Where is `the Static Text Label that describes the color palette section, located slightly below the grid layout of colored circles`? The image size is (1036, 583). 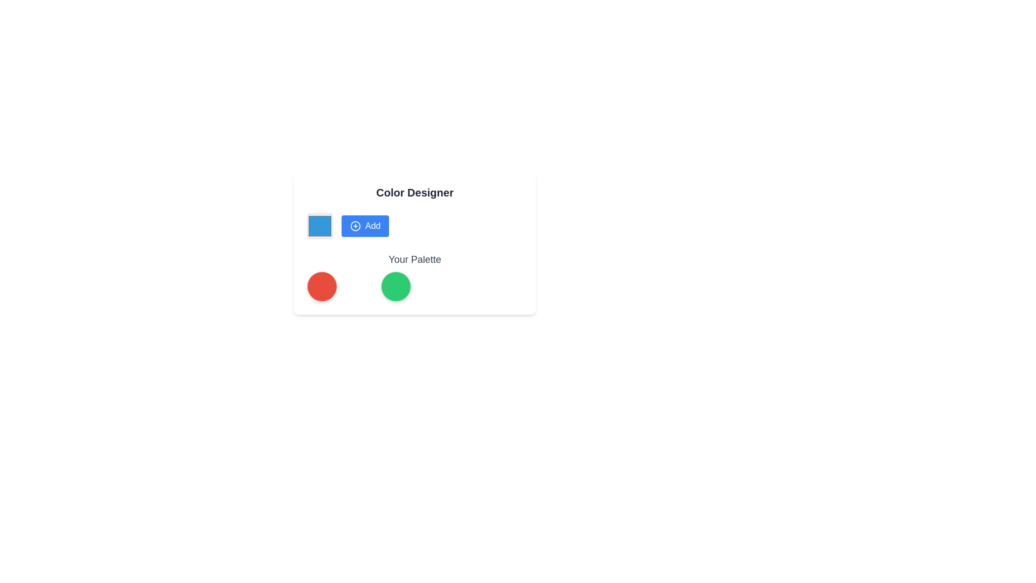
the Static Text Label that describes the color palette section, located slightly below the grid layout of colored circles is located at coordinates (414, 260).